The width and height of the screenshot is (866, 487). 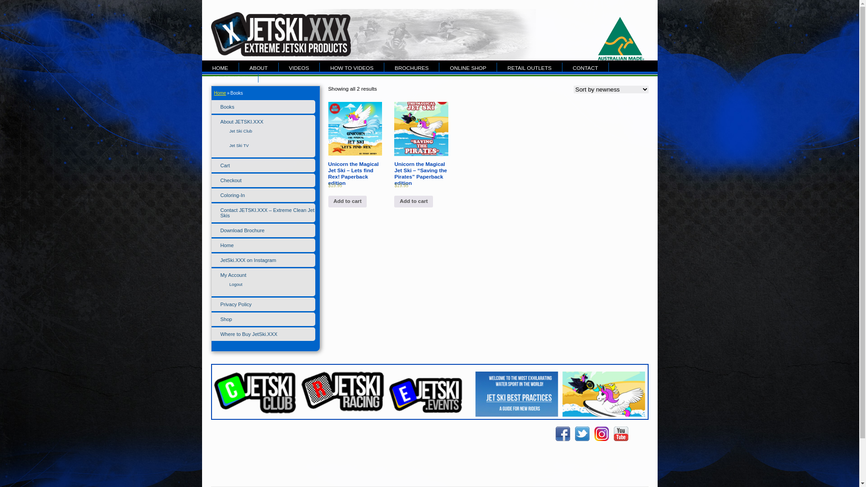 What do you see at coordinates (227, 106) in the screenshot?
I see `'Books'` at bounding box center [227, 106].